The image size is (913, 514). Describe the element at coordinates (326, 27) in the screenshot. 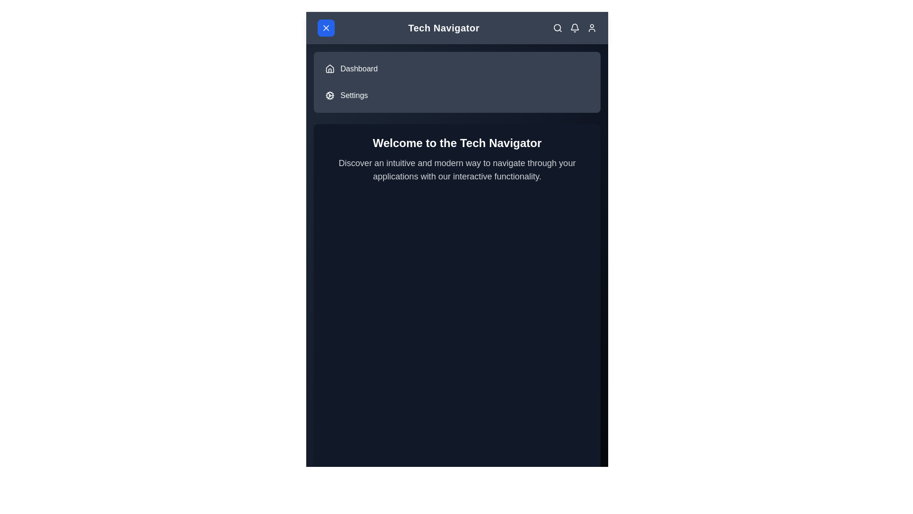

I see `the menu button to toggle the side menu` at that location.